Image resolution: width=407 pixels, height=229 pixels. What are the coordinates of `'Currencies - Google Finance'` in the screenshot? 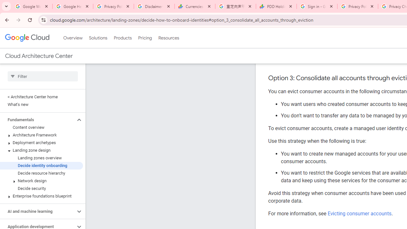 It's located at (195, 6).